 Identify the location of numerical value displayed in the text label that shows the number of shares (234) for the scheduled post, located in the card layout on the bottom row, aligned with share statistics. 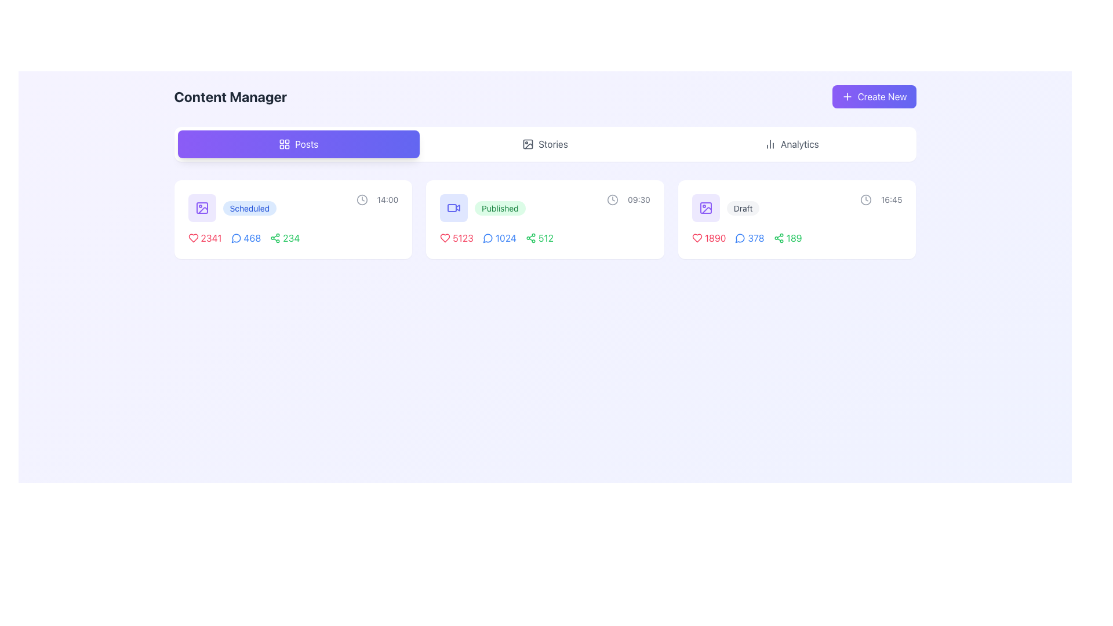
(291, 238).